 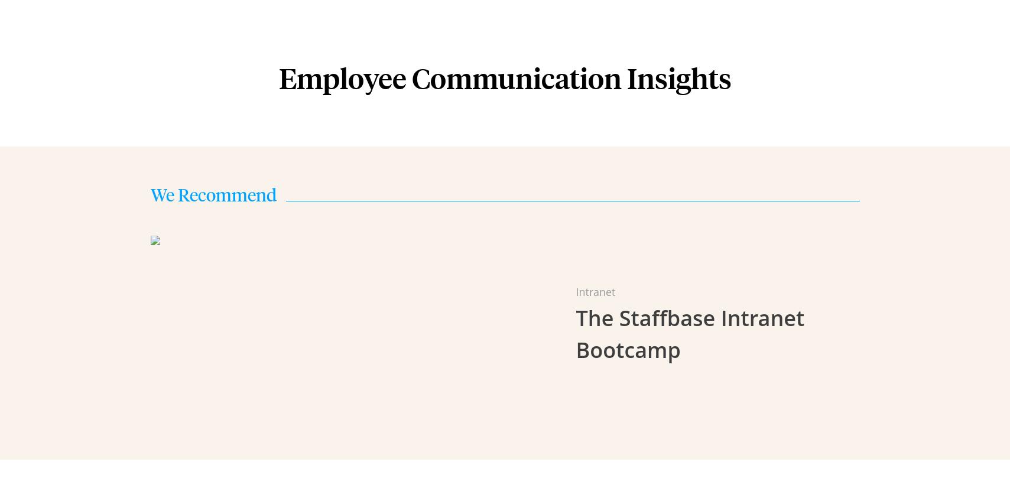 I want to click on 'Employee Email', so click(x=485, y=125).